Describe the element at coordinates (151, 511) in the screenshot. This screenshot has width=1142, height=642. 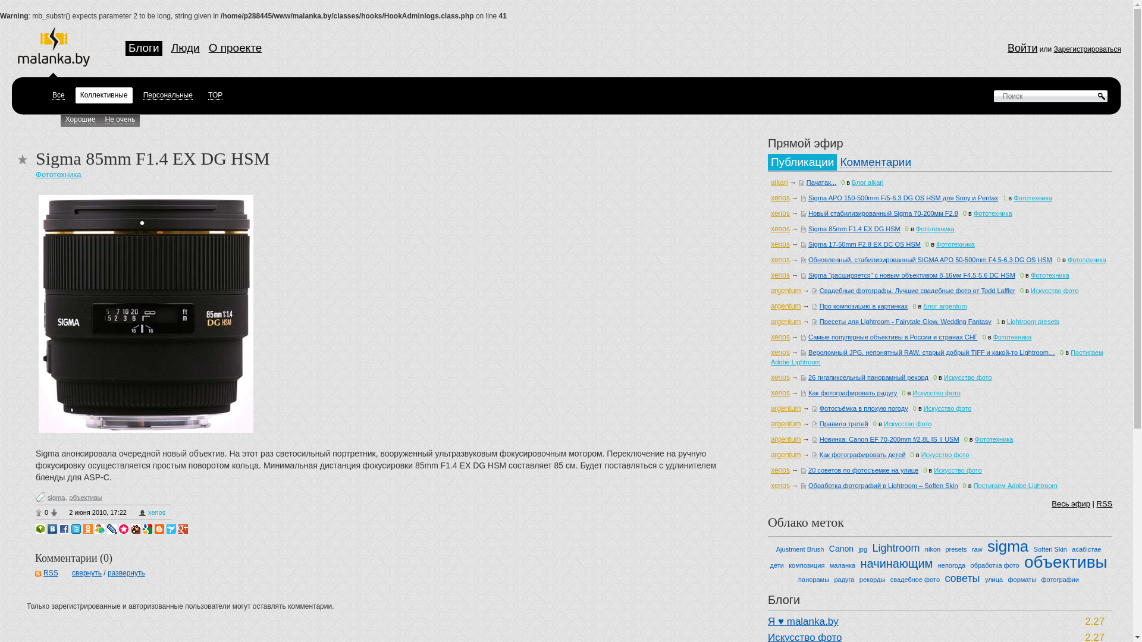
I see `'xenos'` at that location.